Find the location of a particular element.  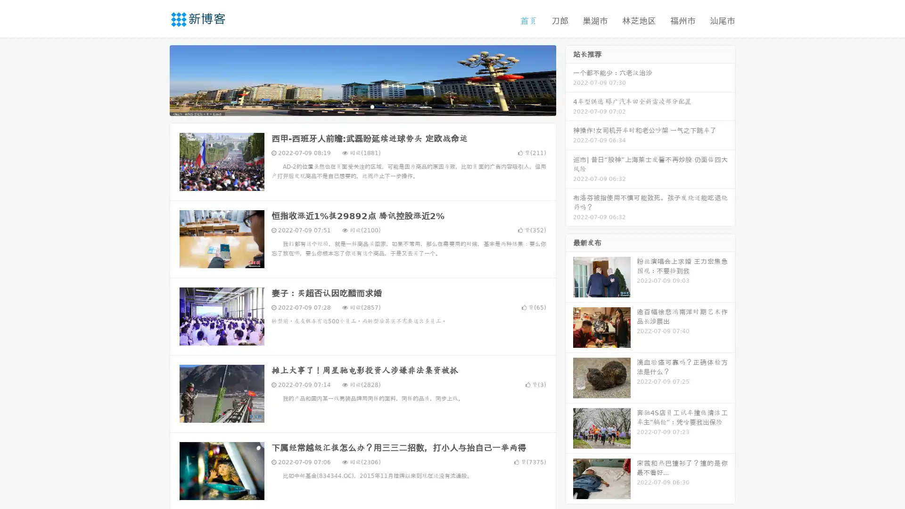

Previous slide is located at coordinates (156, 79).